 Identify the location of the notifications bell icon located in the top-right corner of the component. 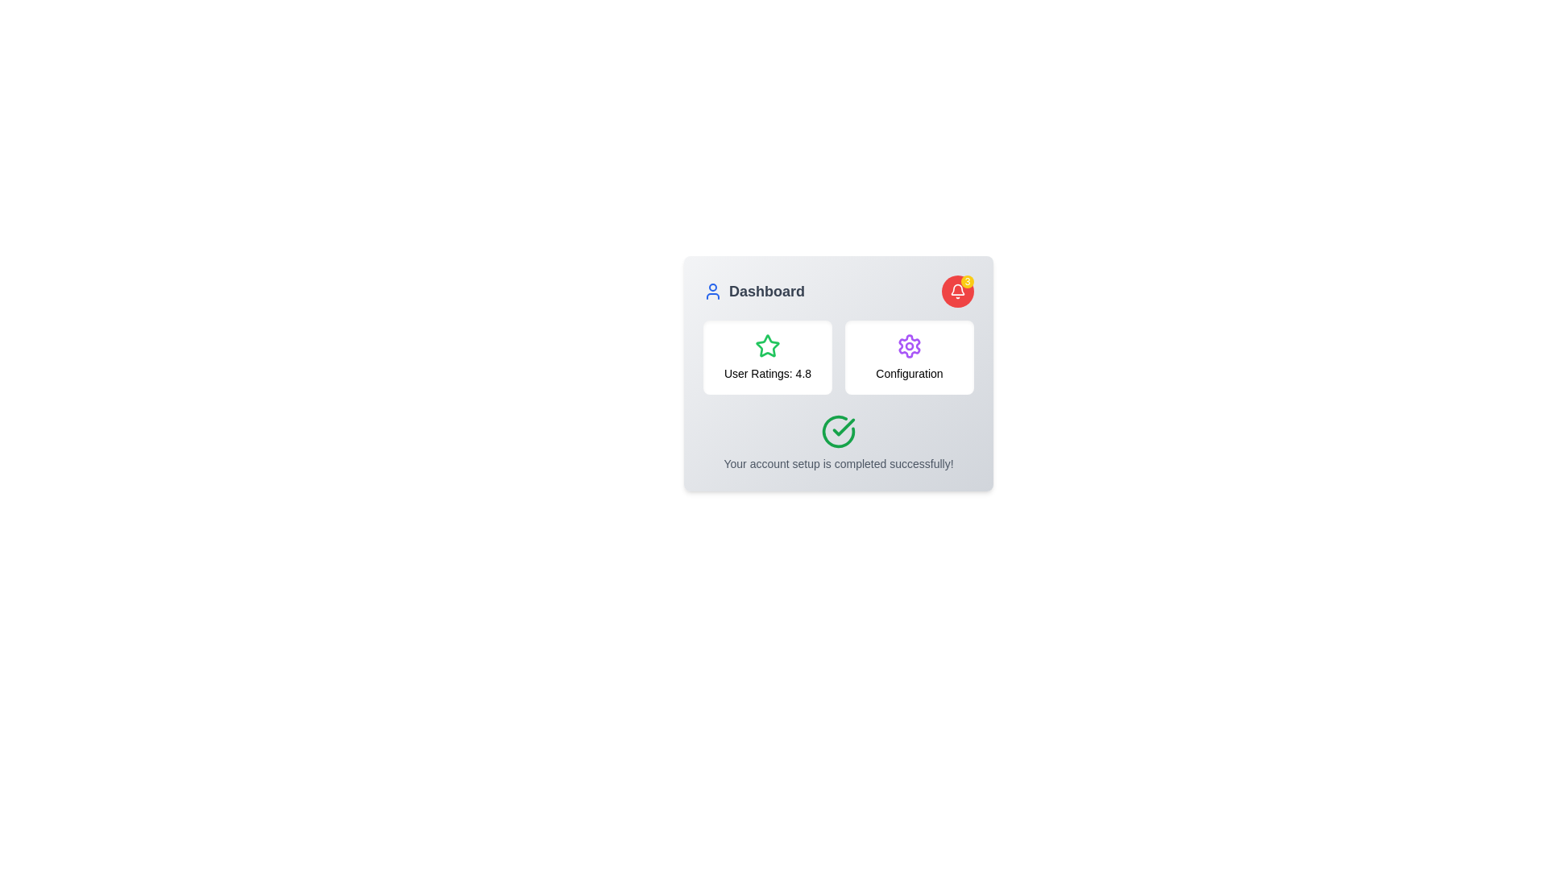
(958, 288).